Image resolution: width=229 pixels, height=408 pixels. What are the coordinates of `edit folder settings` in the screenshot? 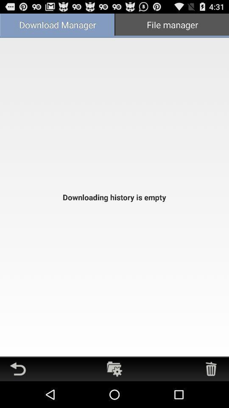 It's located at (114, 368).